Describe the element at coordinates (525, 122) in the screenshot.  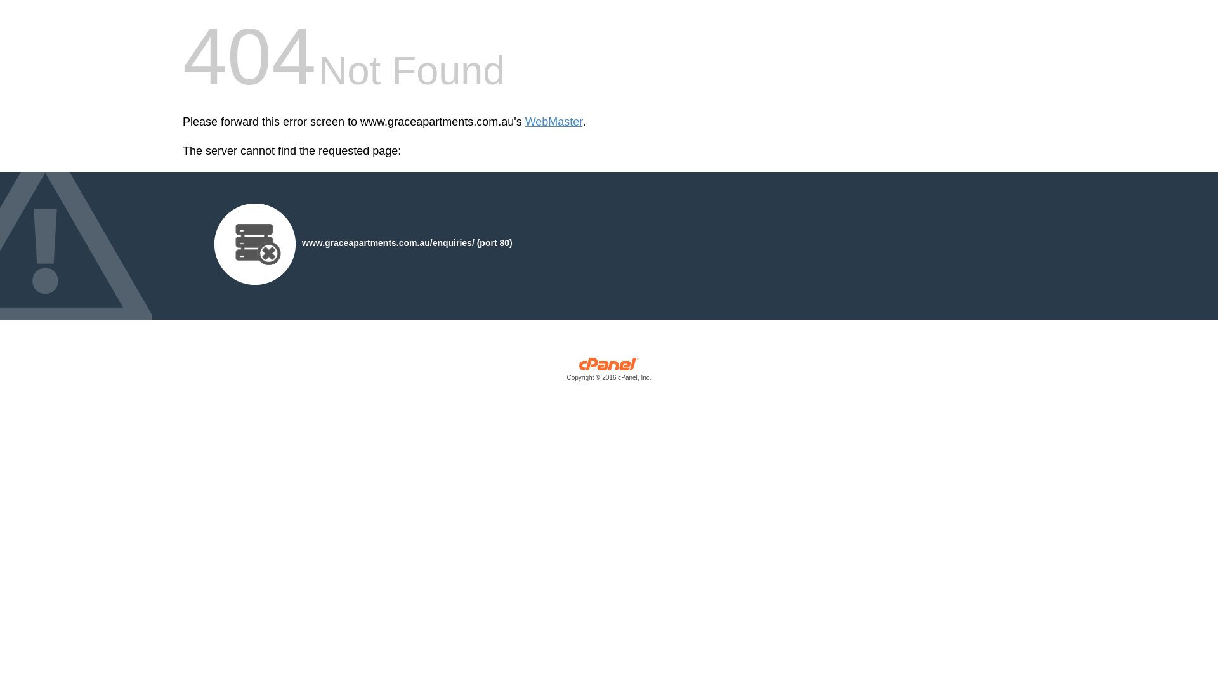
I see `'WebMaster'` at that location.